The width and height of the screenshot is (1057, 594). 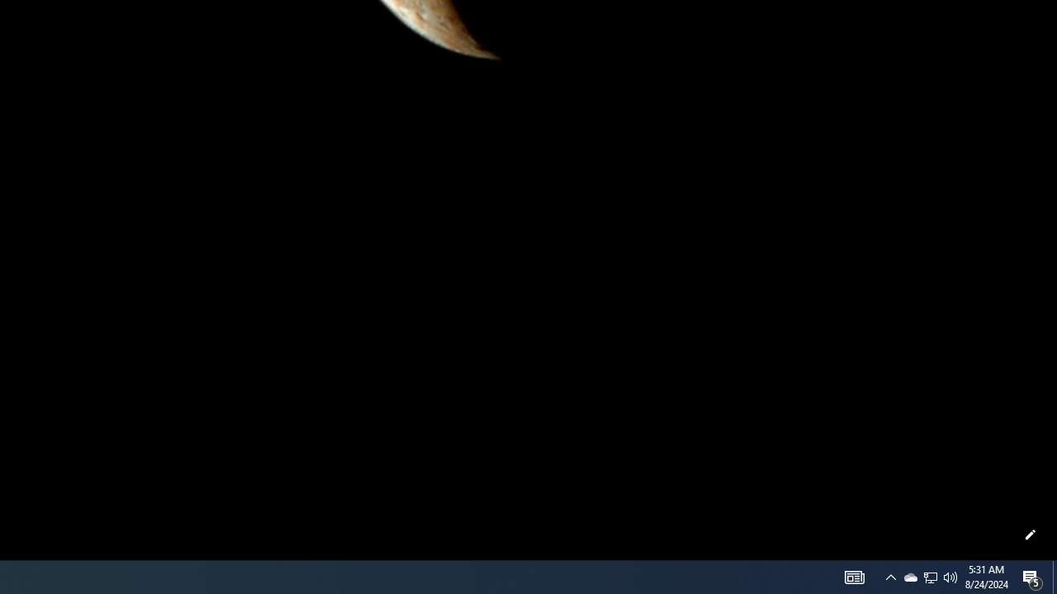 I want to click on 'Action Center, 5 new notifications', so click(x=1032, y=576).